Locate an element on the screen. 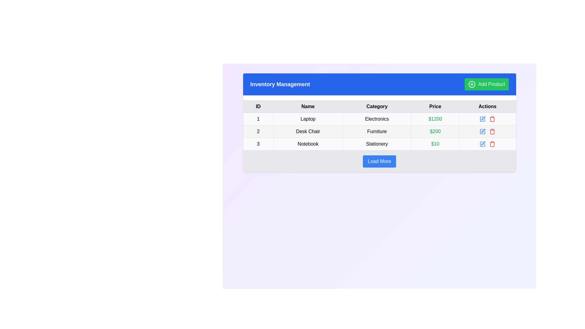  the 'Load More' button with a blue background and white text, located at the center of the footer bar at the bottom of the table is located at coordinates (379, 161).